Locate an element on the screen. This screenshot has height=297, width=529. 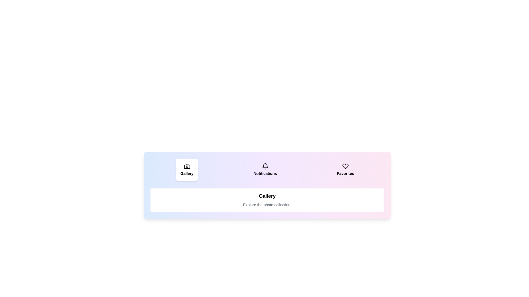
the tab labeled Gallery to view its hover effect is located at coordinates (187, 169).